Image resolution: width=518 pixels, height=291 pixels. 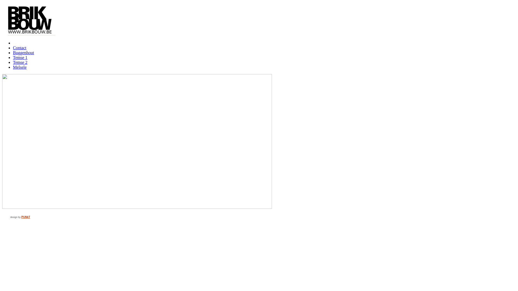 I want to click on 'Temse 1', so click(x=13, y=57).